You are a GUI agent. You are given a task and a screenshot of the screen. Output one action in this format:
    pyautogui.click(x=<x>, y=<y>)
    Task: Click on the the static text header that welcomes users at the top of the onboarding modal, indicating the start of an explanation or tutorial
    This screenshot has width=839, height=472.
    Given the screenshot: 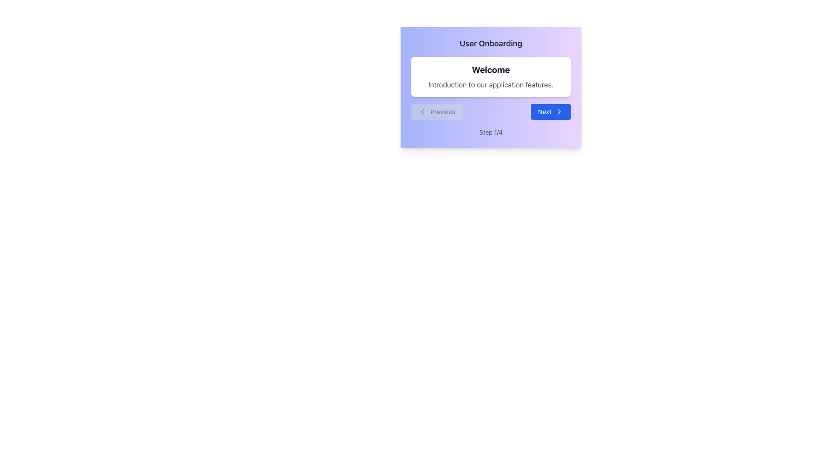 What is the action you would take?
    pyautogui.click(x=491, y=69)
    